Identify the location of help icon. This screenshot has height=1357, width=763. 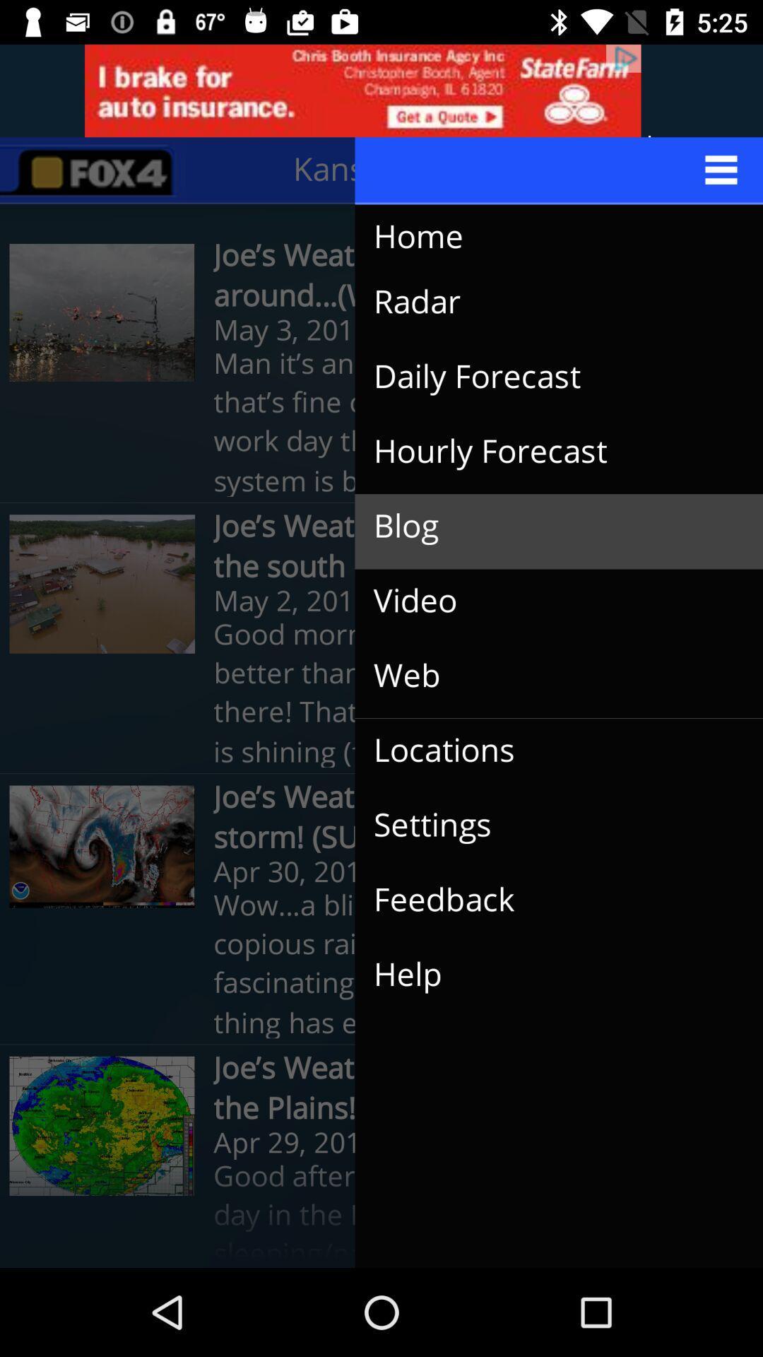
(547, 974).